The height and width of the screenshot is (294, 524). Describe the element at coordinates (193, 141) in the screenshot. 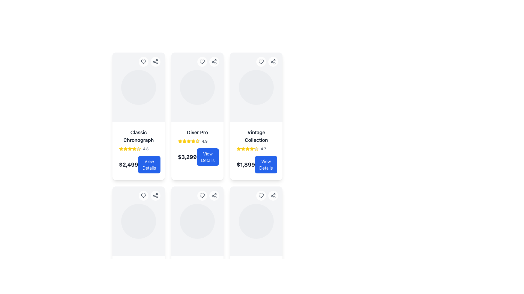

I see `the sixth star icon representing the rating score for the 'Diver Pro' product on the second card in the top row` at that location.